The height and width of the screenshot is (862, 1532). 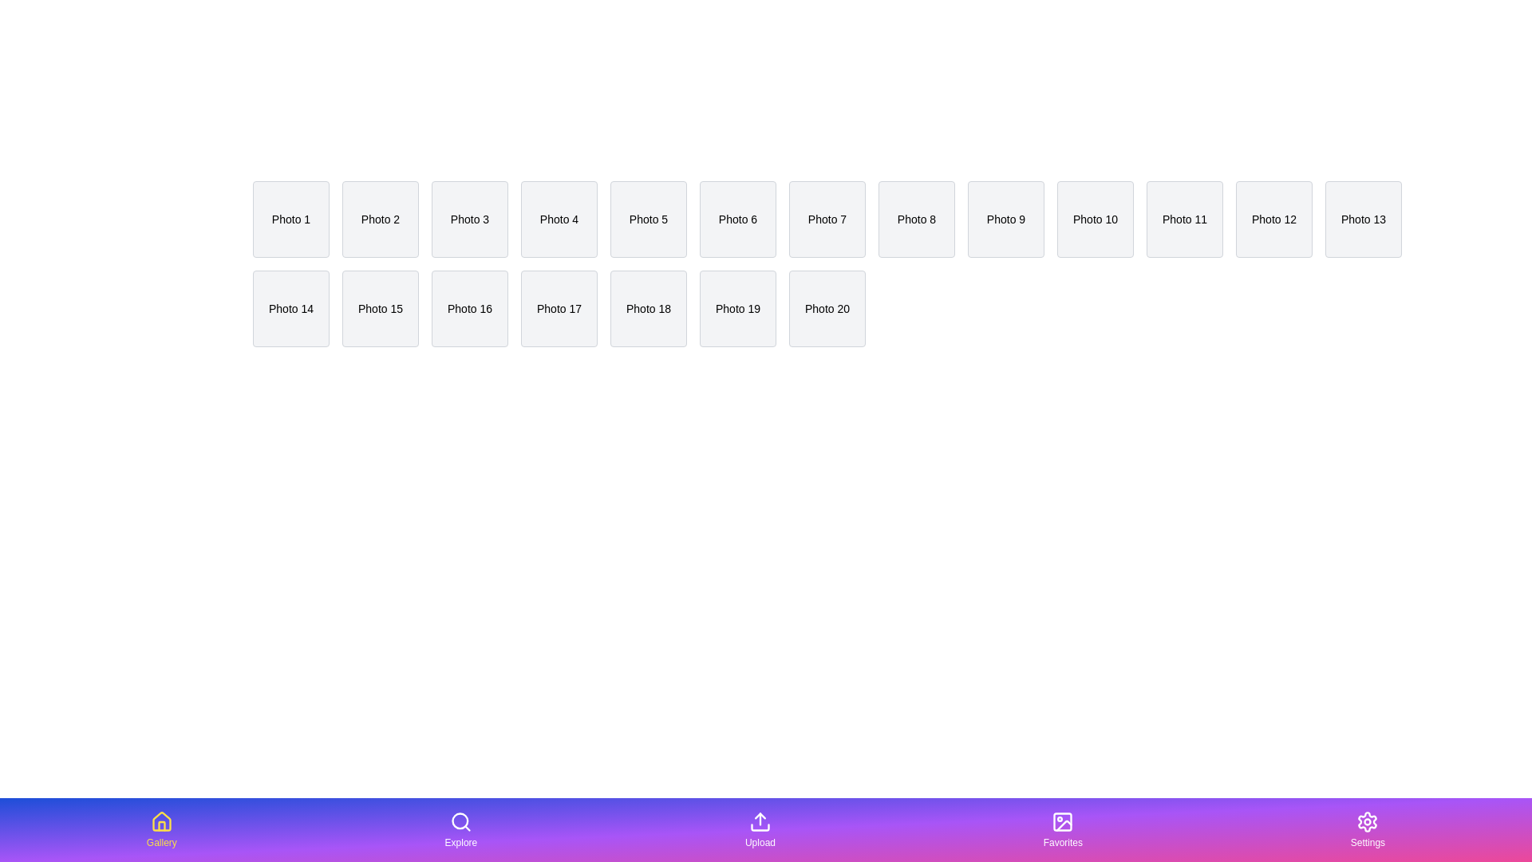 I want to click on the tab labeled Explore in the bottom navigation bar, so click(x=460, y=829).